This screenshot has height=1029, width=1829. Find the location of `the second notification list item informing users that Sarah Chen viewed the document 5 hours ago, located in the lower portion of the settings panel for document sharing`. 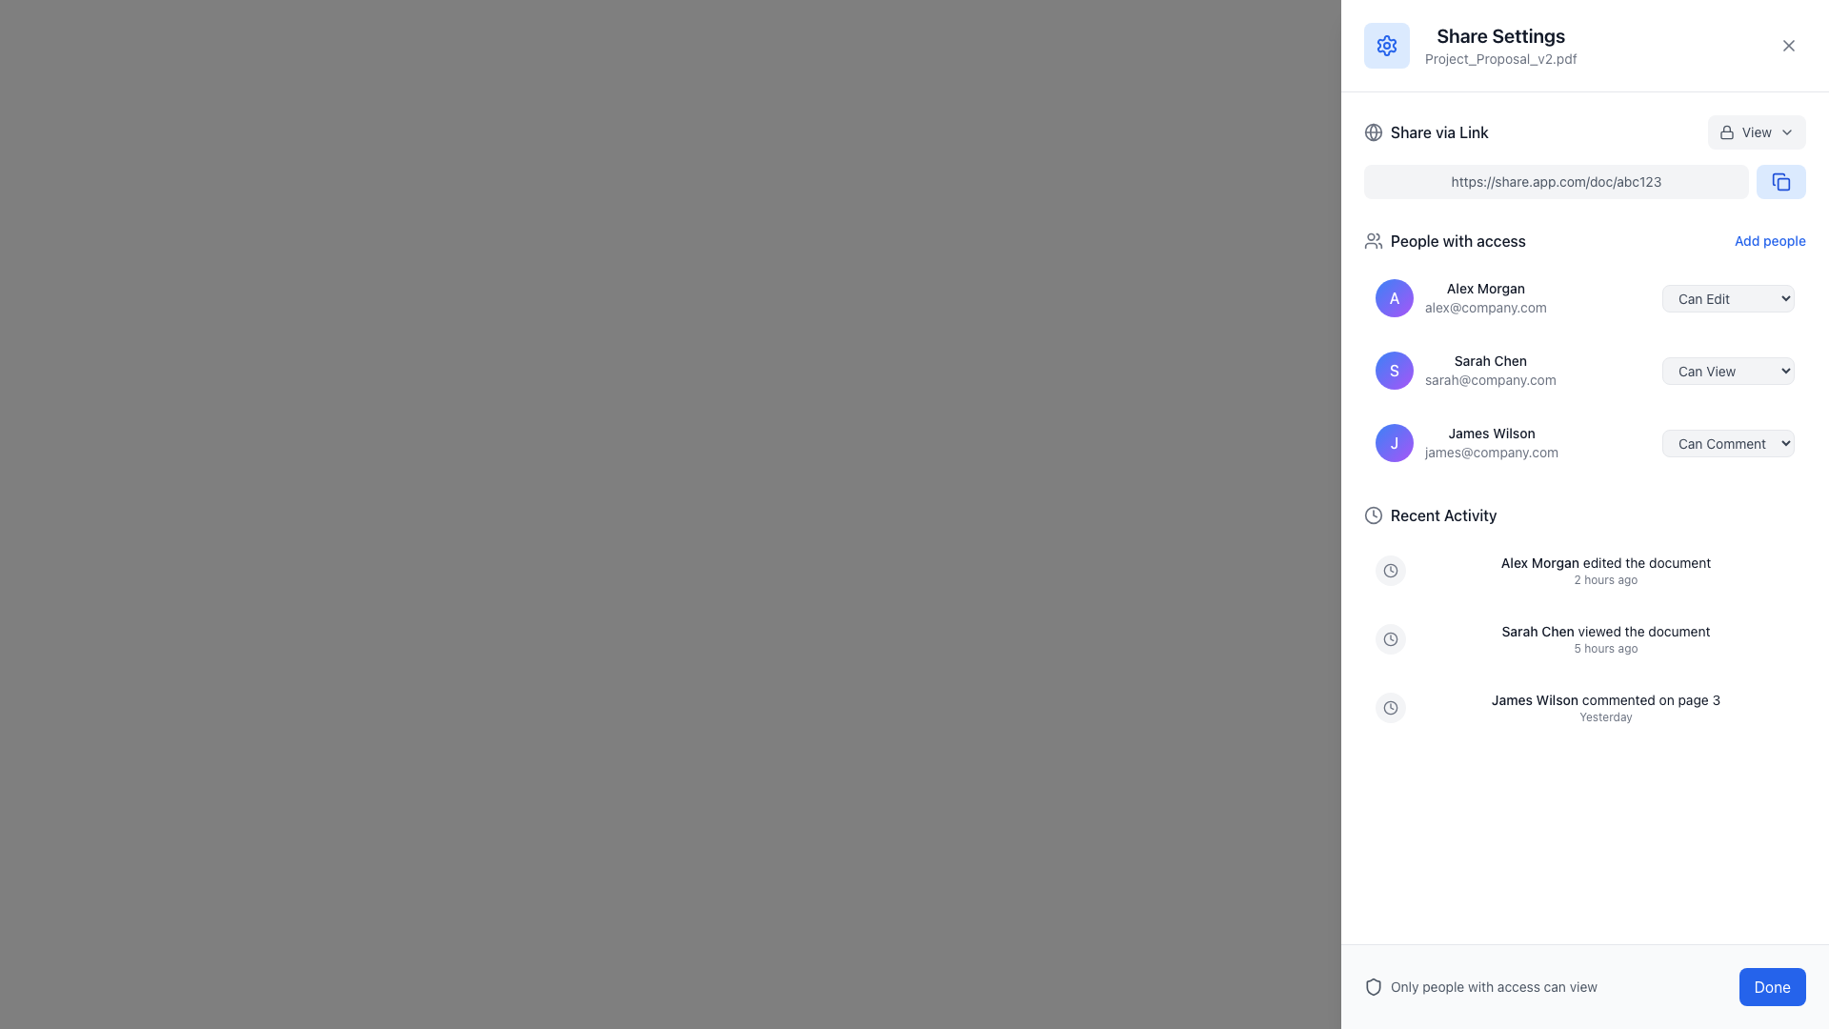

the second notification list item informing users that Sarah Chen viewed the document 5 hours ago, located in the lower portion of the settings panel for document sharing is located at coordinates (1585, 639).